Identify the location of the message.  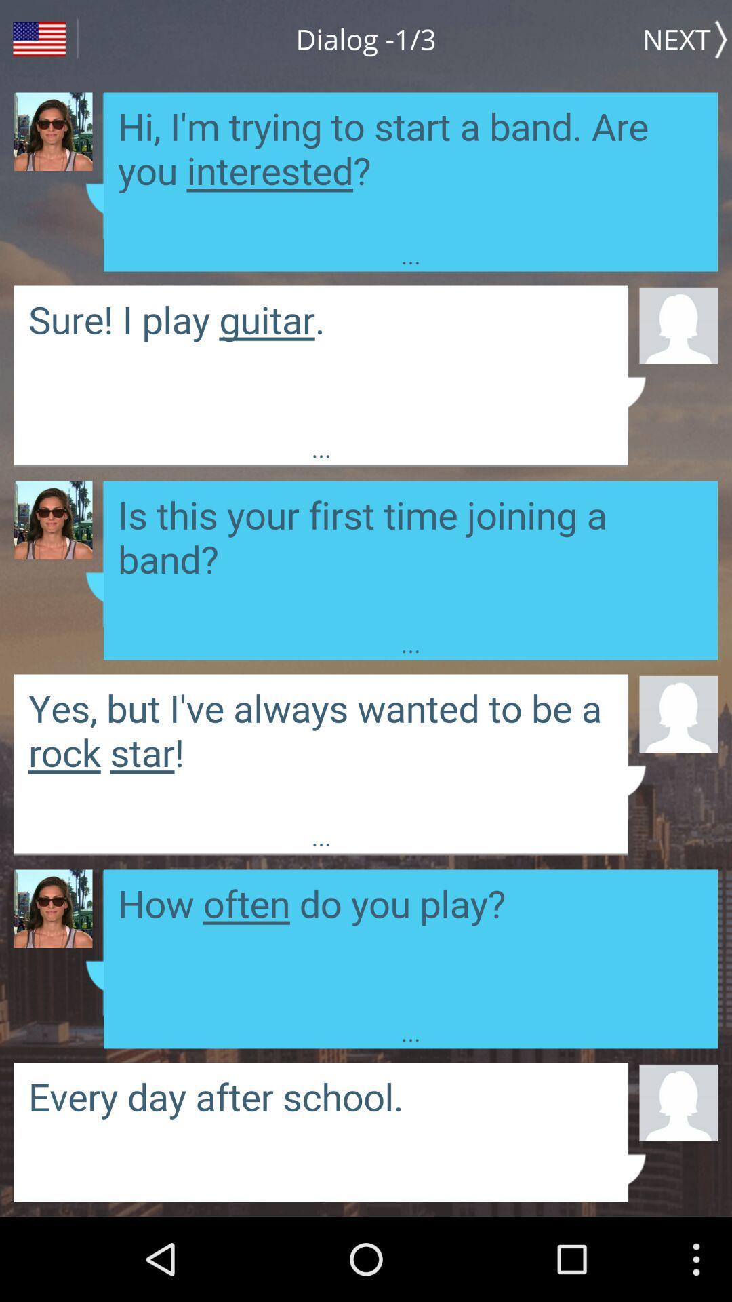
(321, 747).